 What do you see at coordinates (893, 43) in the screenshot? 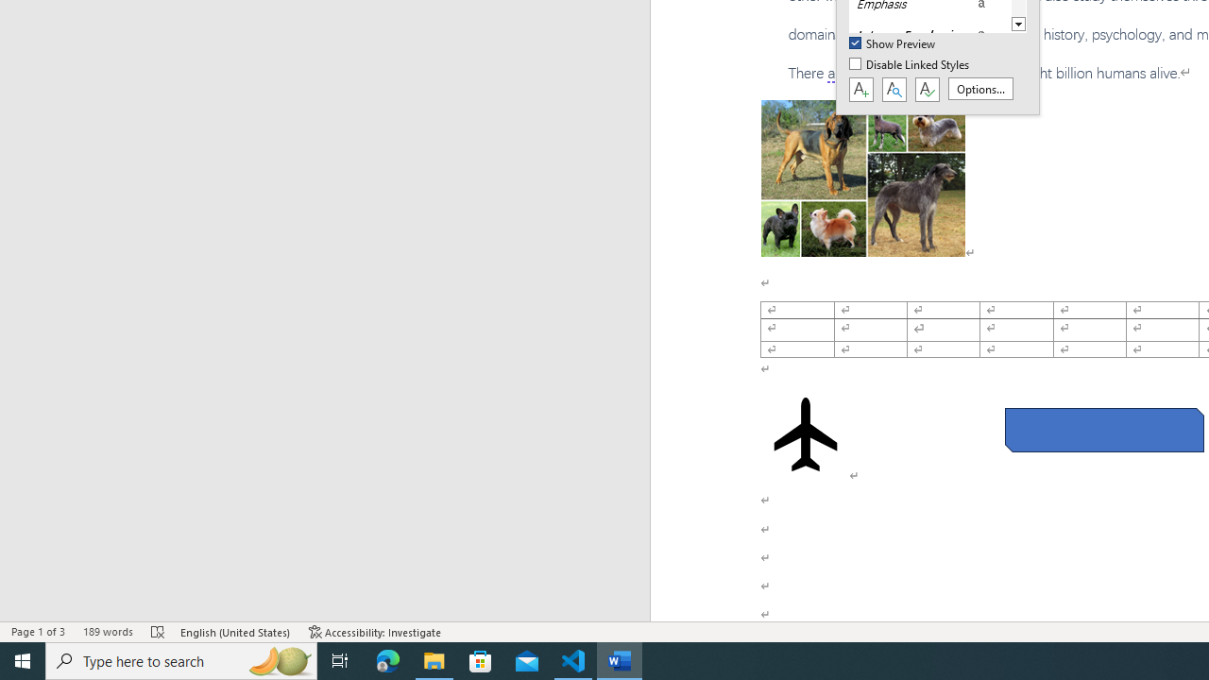
I see `'Show Preview'` at bounding box center [893, 43].